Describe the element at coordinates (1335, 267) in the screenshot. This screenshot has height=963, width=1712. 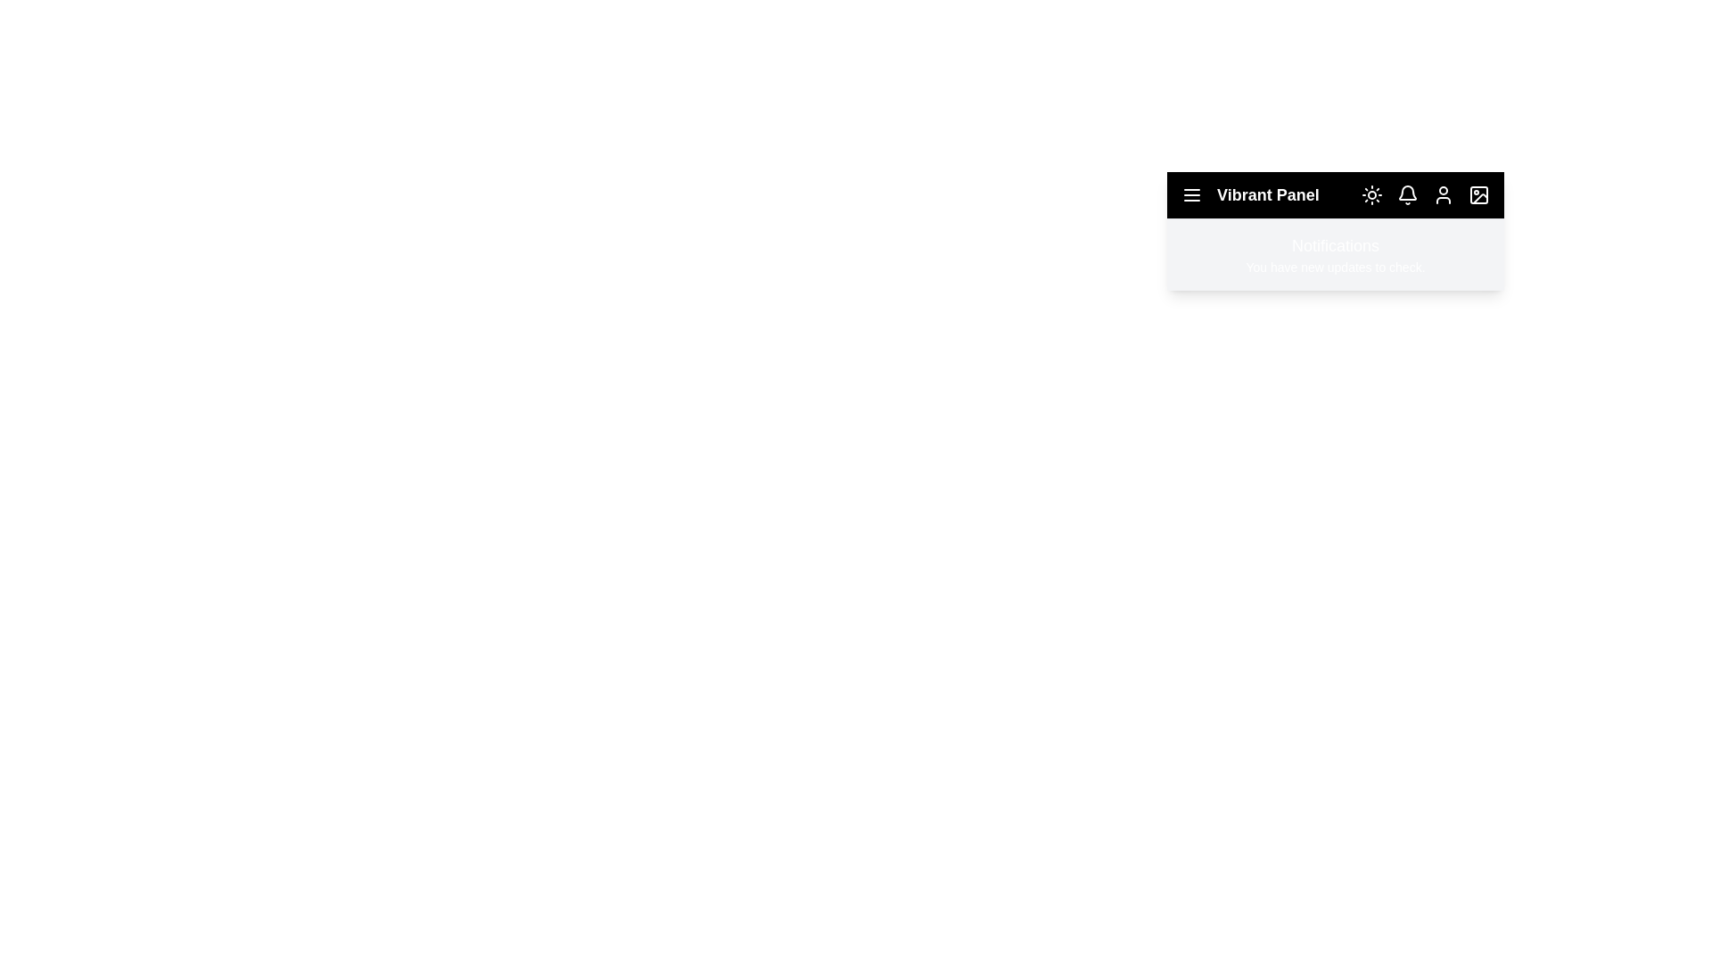
I see `the notifications text to interact with it` at that location.